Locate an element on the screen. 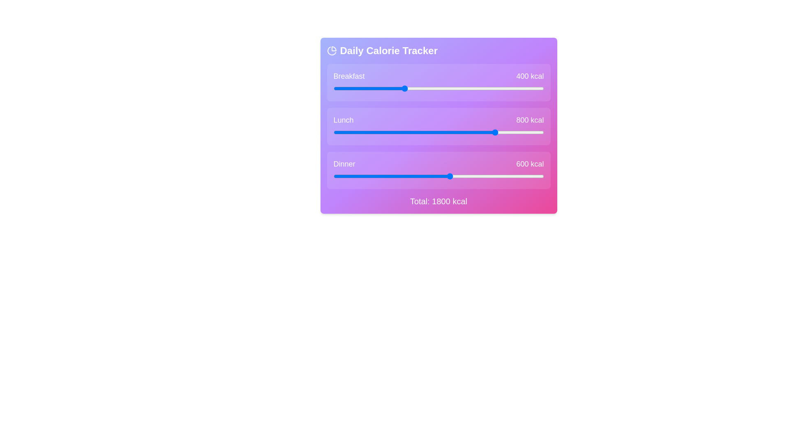 The height and width of the screenshot is (443, 789). the breakfast calorie value is located at coordinates (380, 89).